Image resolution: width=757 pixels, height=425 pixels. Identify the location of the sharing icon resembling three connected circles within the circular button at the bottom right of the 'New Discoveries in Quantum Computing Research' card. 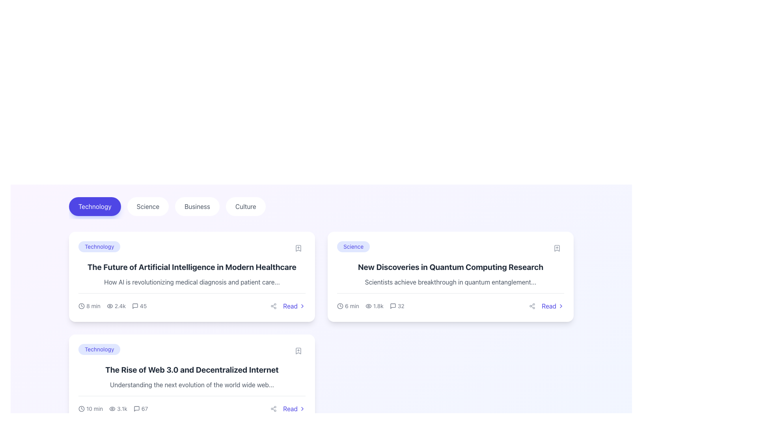
(532, 306).